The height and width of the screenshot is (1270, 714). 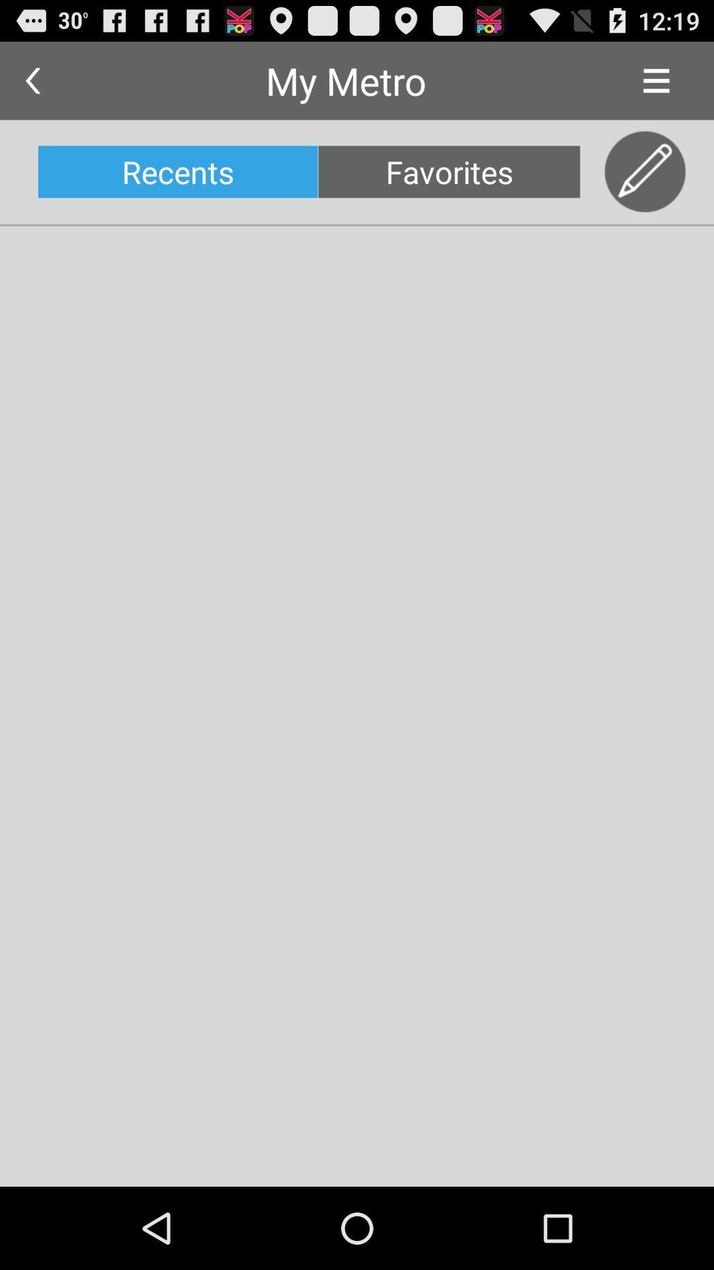 I want to click on the app to the right of the favorites item, so click(x=645, y=171).